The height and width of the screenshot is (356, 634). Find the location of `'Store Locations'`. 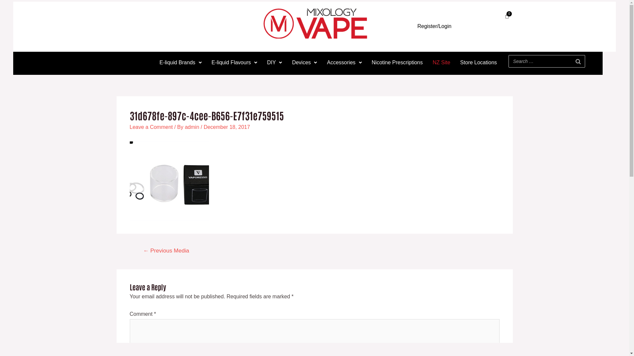

'Store Locations' is located at coordinates (455, 62).